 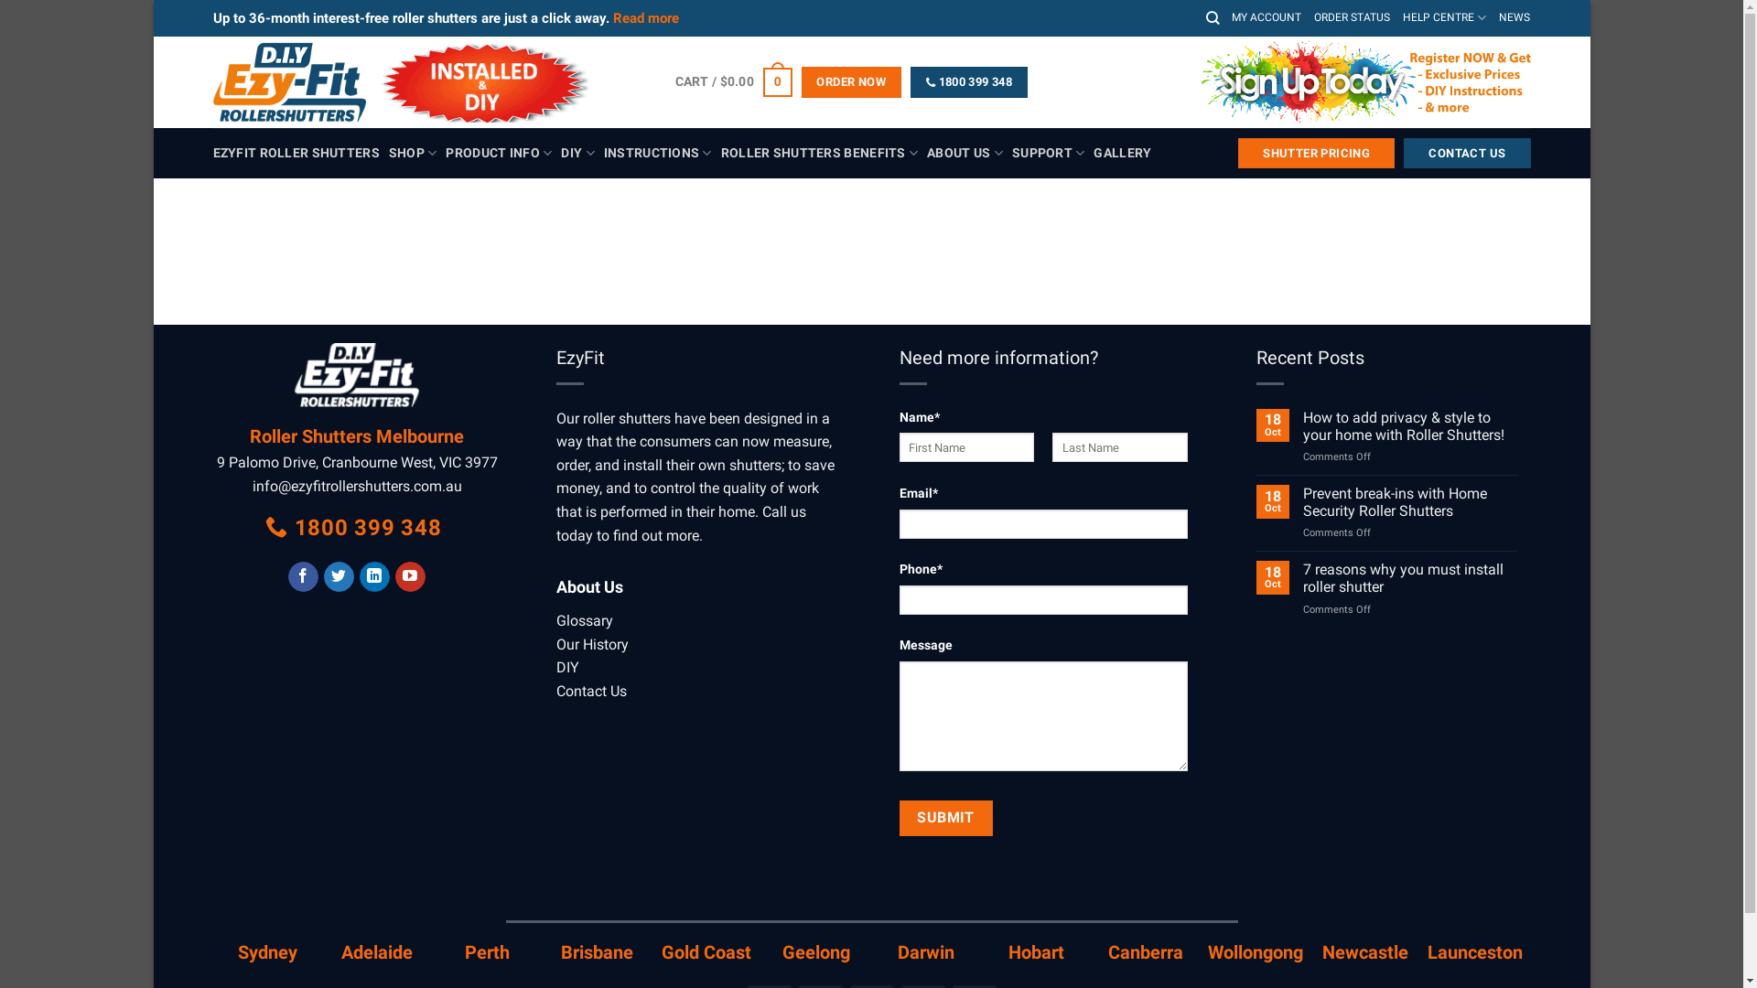 What do you see at coordinates (645, 17) in the screenshot?
I see `'Read more'` at bounding box center [645, 17].